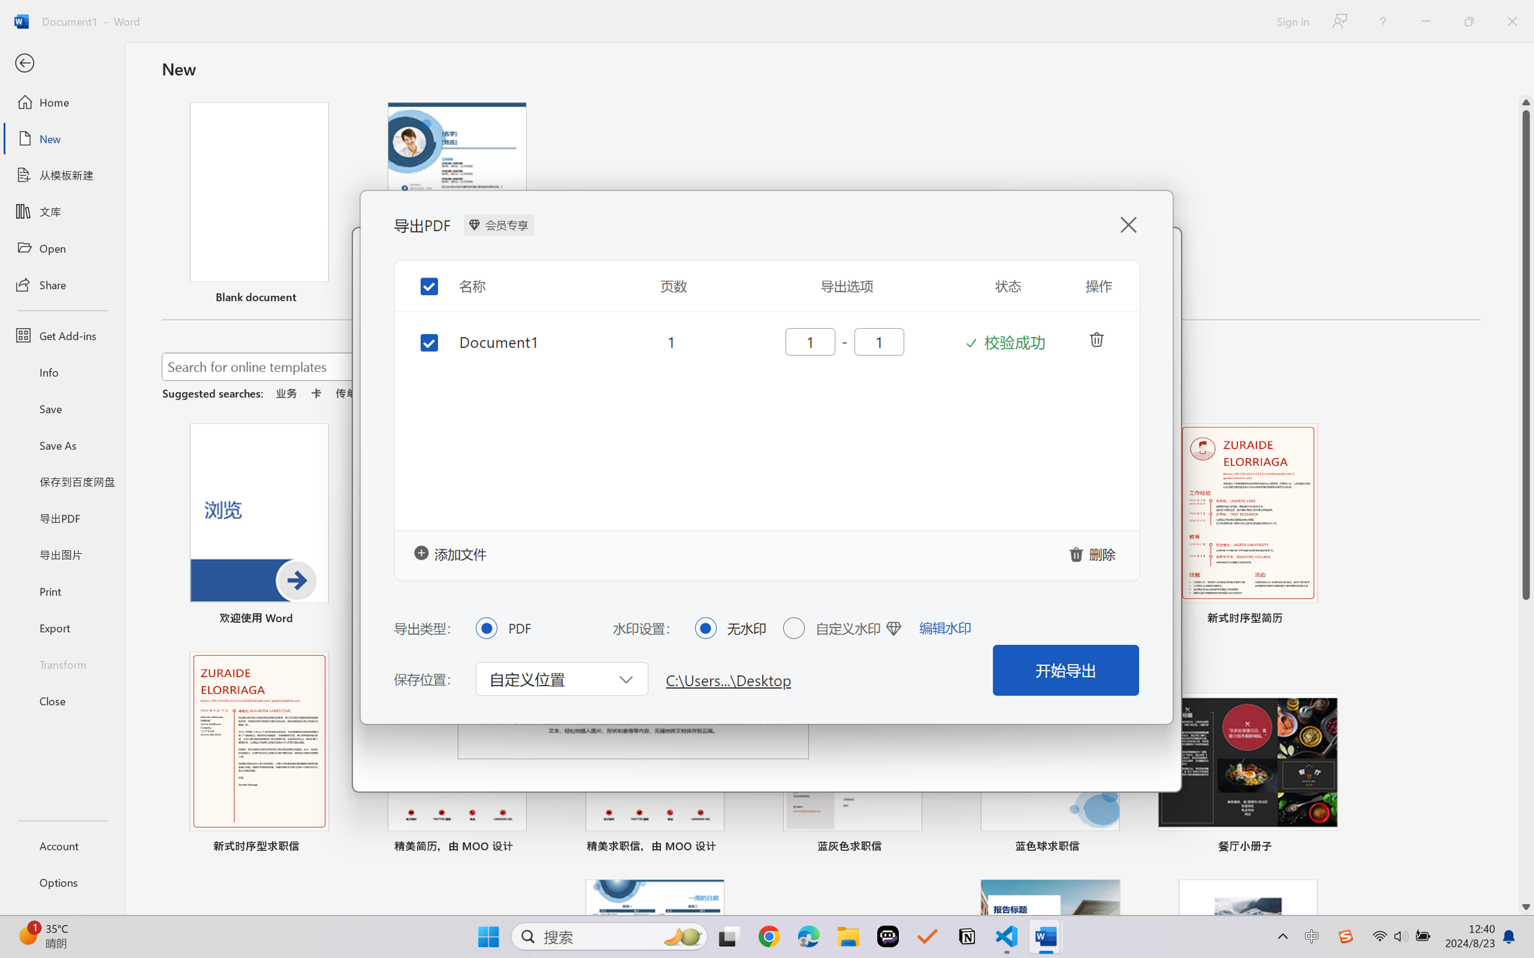  I want to click on 'Toggle selection for all items', so click(420, 278).